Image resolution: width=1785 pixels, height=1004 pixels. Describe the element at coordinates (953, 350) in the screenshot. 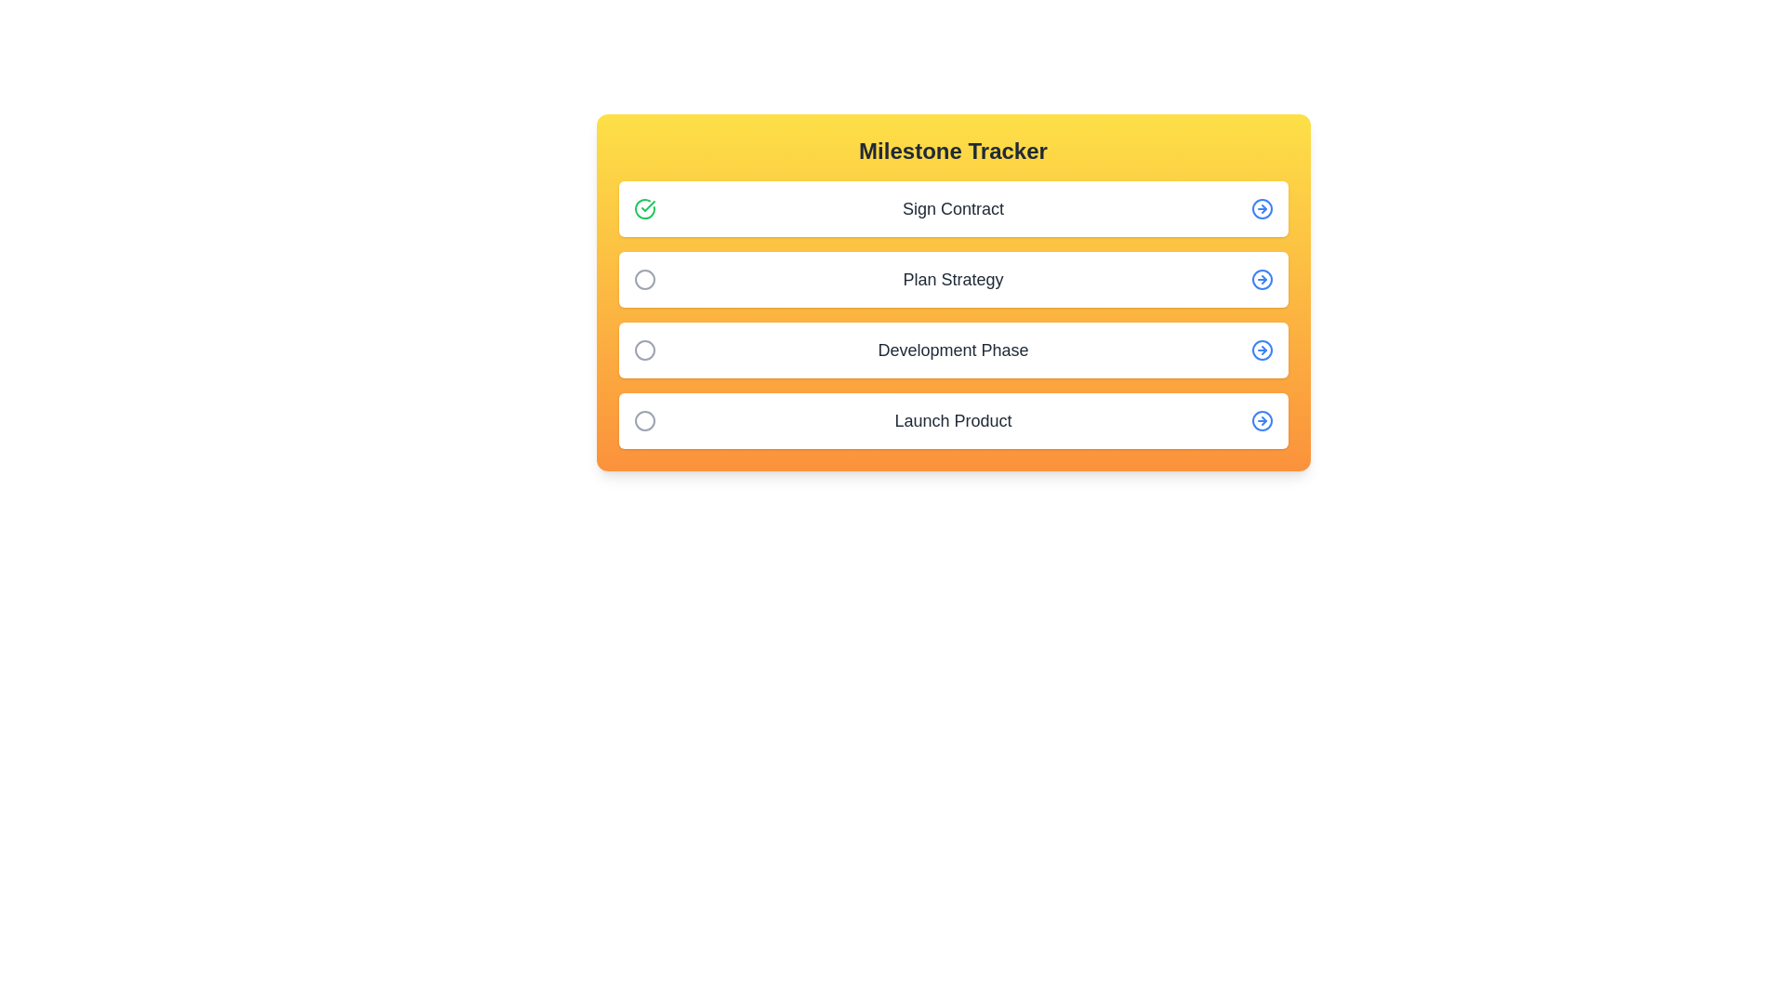

I see `the third step indicator item in the milestone tracking interface` at that location.